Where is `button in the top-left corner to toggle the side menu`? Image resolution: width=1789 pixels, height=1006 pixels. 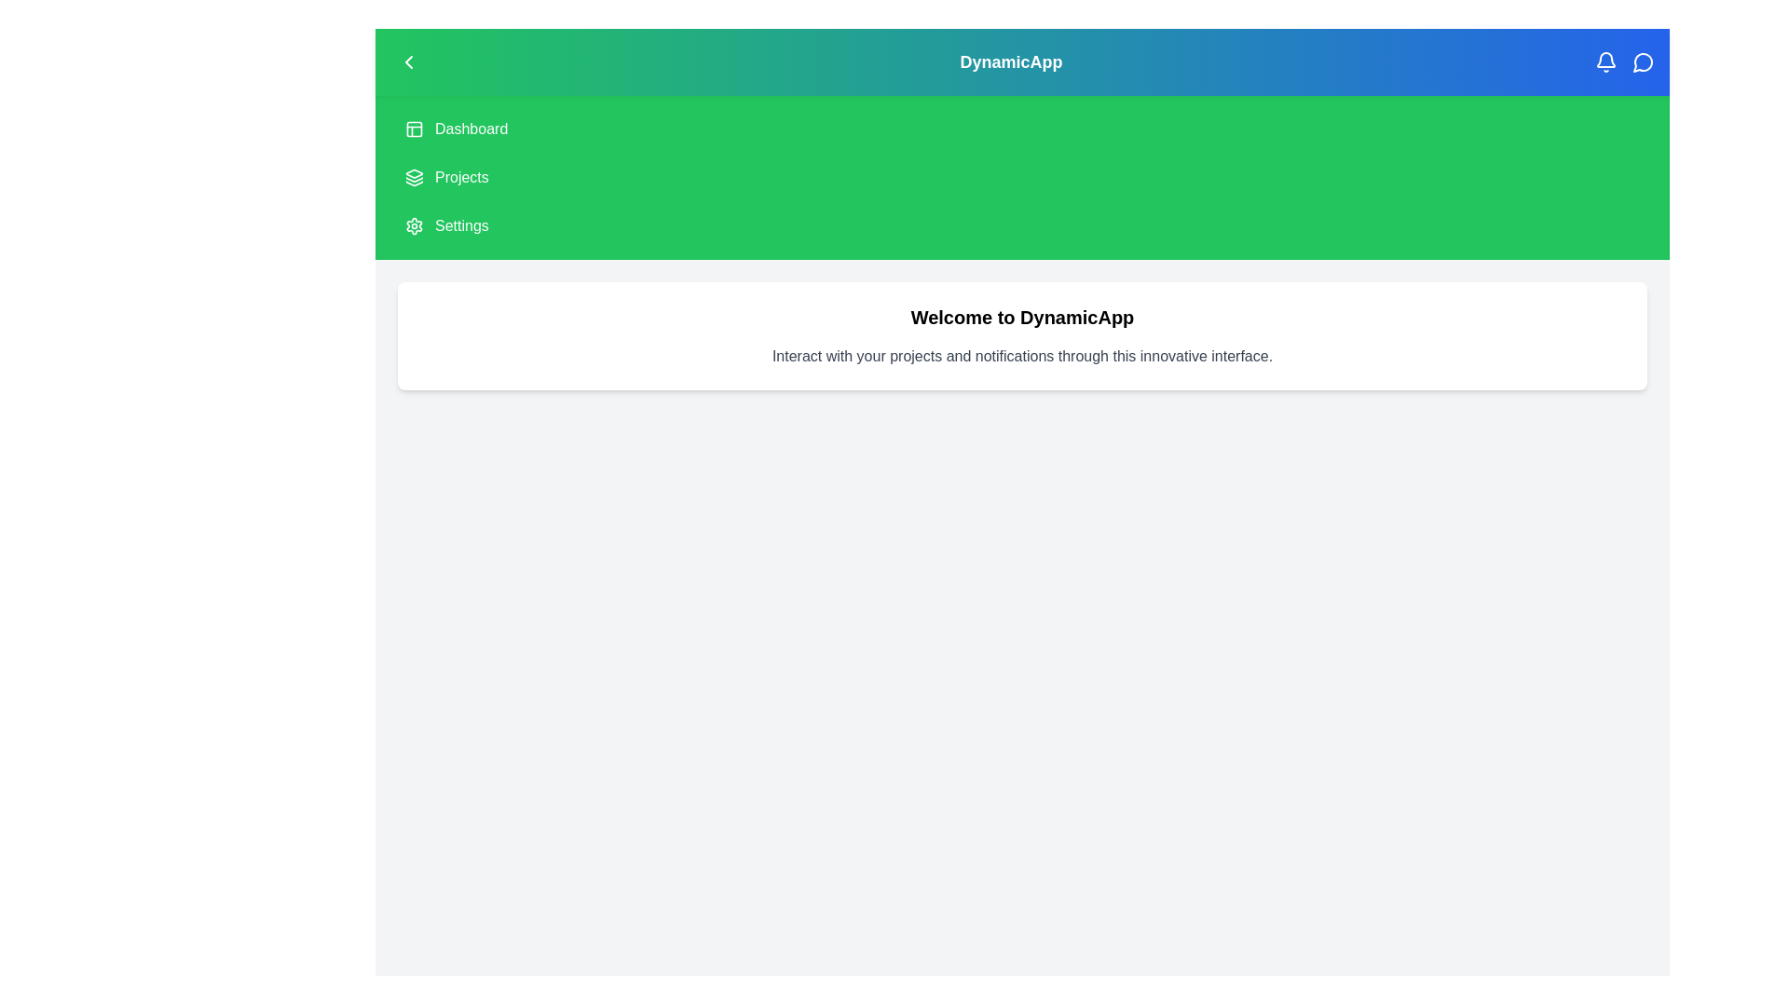
button in the top-left corner to toggle the side menu is located at coordinates (407, 61).